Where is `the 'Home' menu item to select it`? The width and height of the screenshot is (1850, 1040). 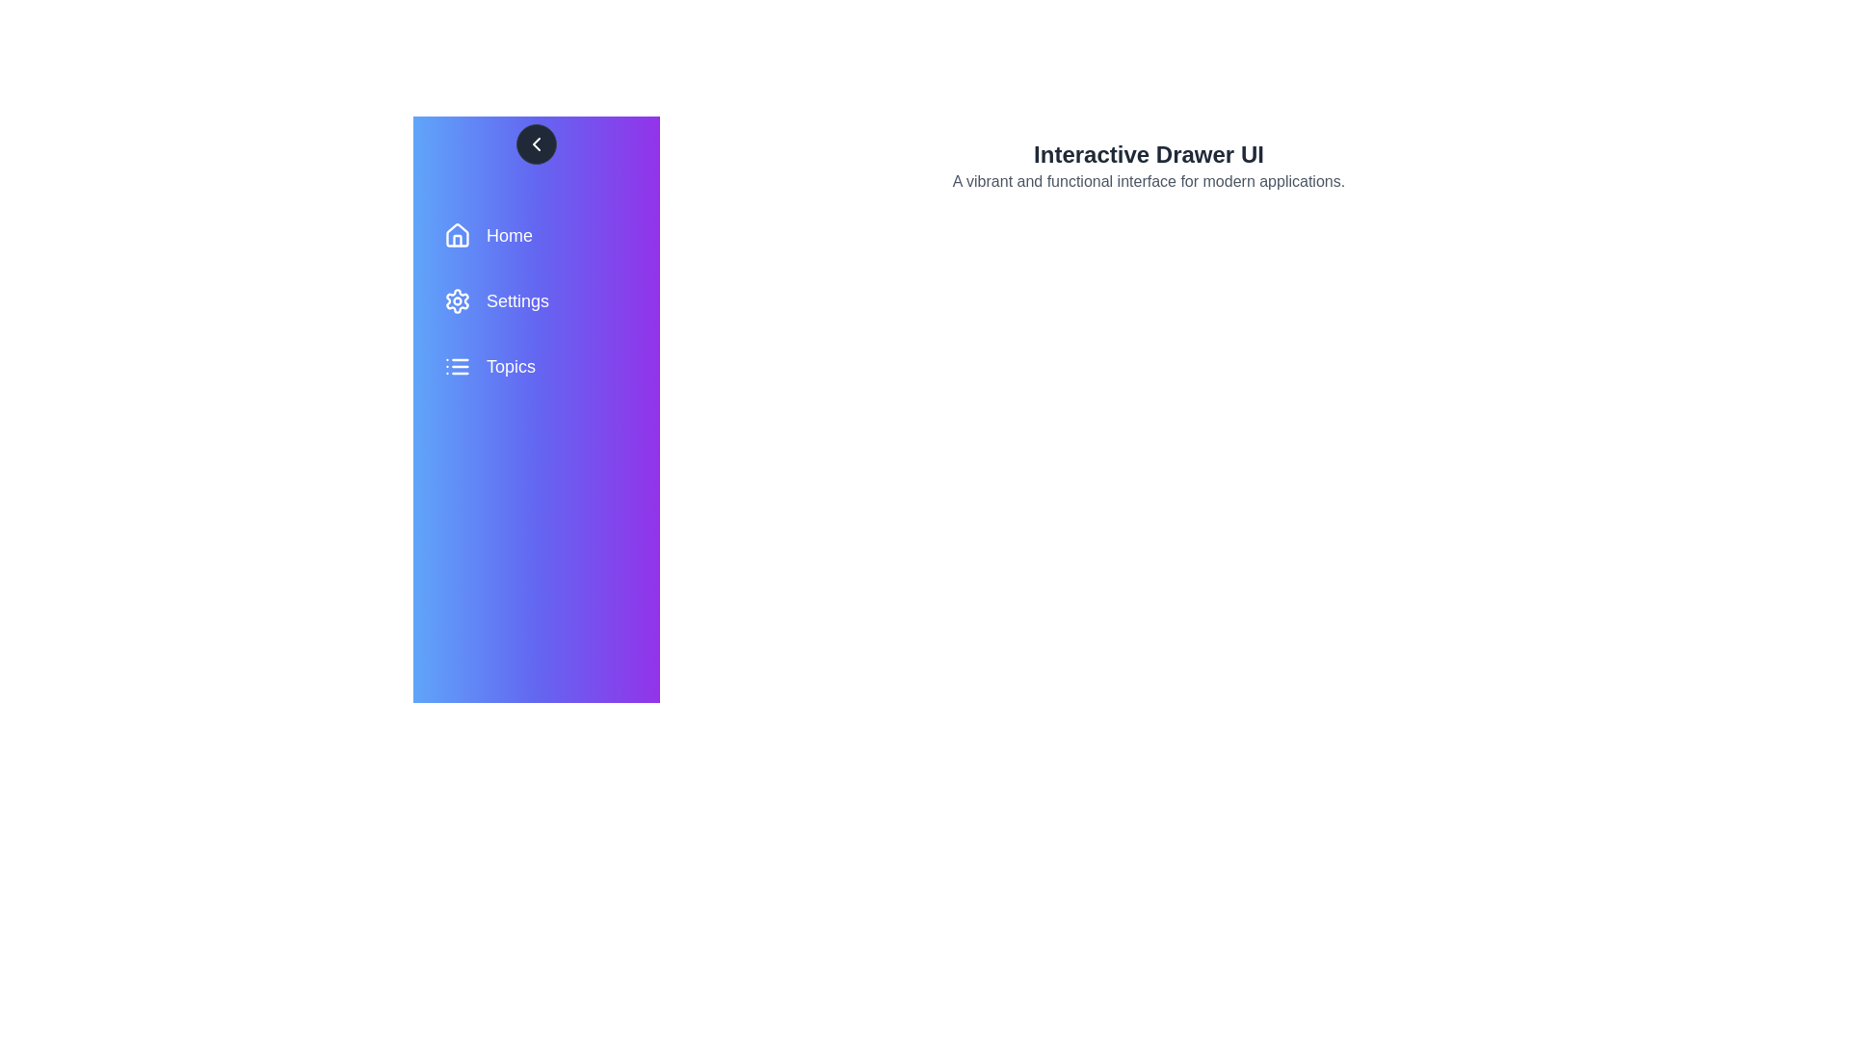 the 'Home' menu item to select it is located at coordinates (536, 235).